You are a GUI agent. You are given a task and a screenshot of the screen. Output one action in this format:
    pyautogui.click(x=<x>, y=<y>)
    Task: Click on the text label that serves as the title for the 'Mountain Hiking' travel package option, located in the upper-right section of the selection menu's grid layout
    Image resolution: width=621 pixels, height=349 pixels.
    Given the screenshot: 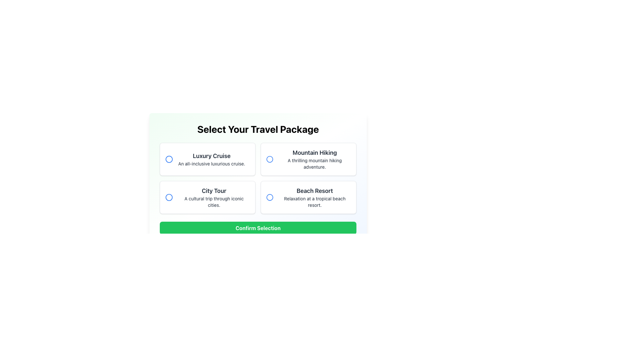 What is the action you would take?
    pyautogui.click(x=315, y=153)
    